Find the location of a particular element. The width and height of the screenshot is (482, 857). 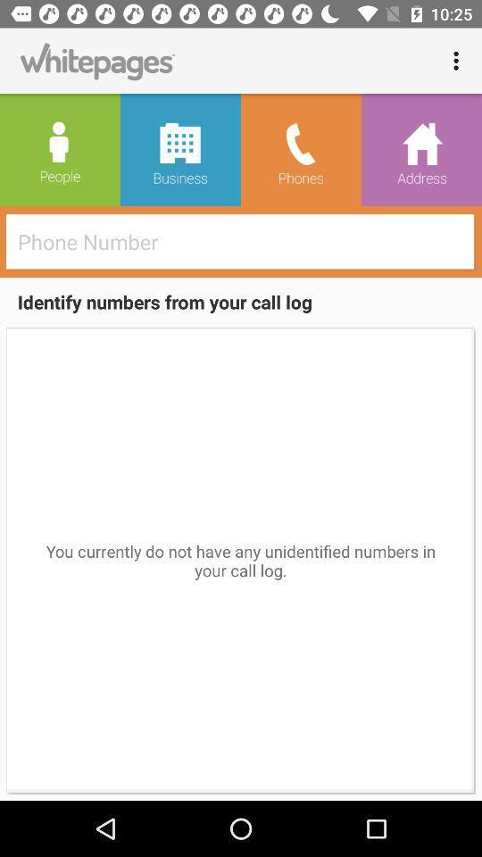

the item above the identify numbers from icon is located at coordinates (245, 240).